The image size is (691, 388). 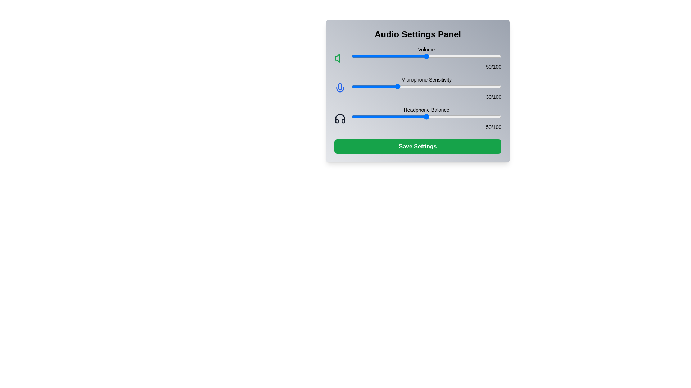 What do you see at coordinates (414, 56) in the screenshot?
I see `volume` at bounding box center [414, 56].